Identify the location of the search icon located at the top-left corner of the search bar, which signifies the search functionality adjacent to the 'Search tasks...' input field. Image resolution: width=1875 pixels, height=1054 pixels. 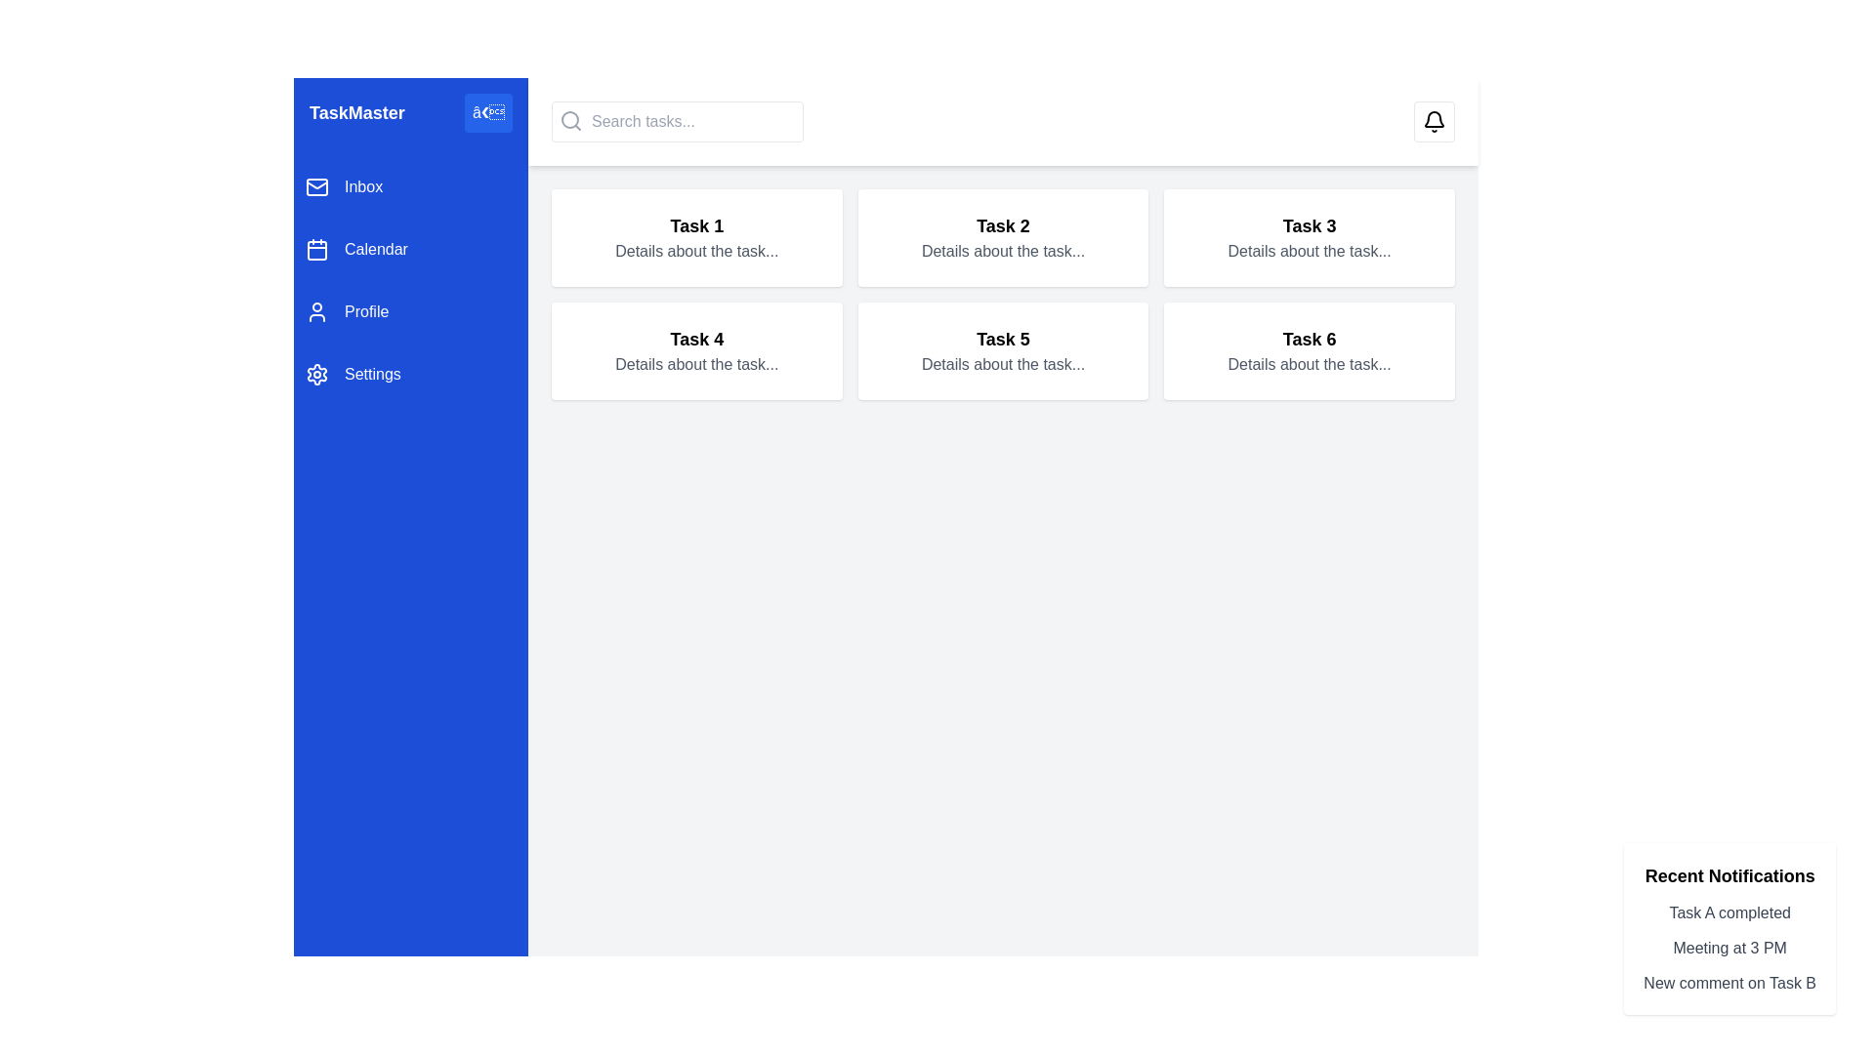
(570, 120).